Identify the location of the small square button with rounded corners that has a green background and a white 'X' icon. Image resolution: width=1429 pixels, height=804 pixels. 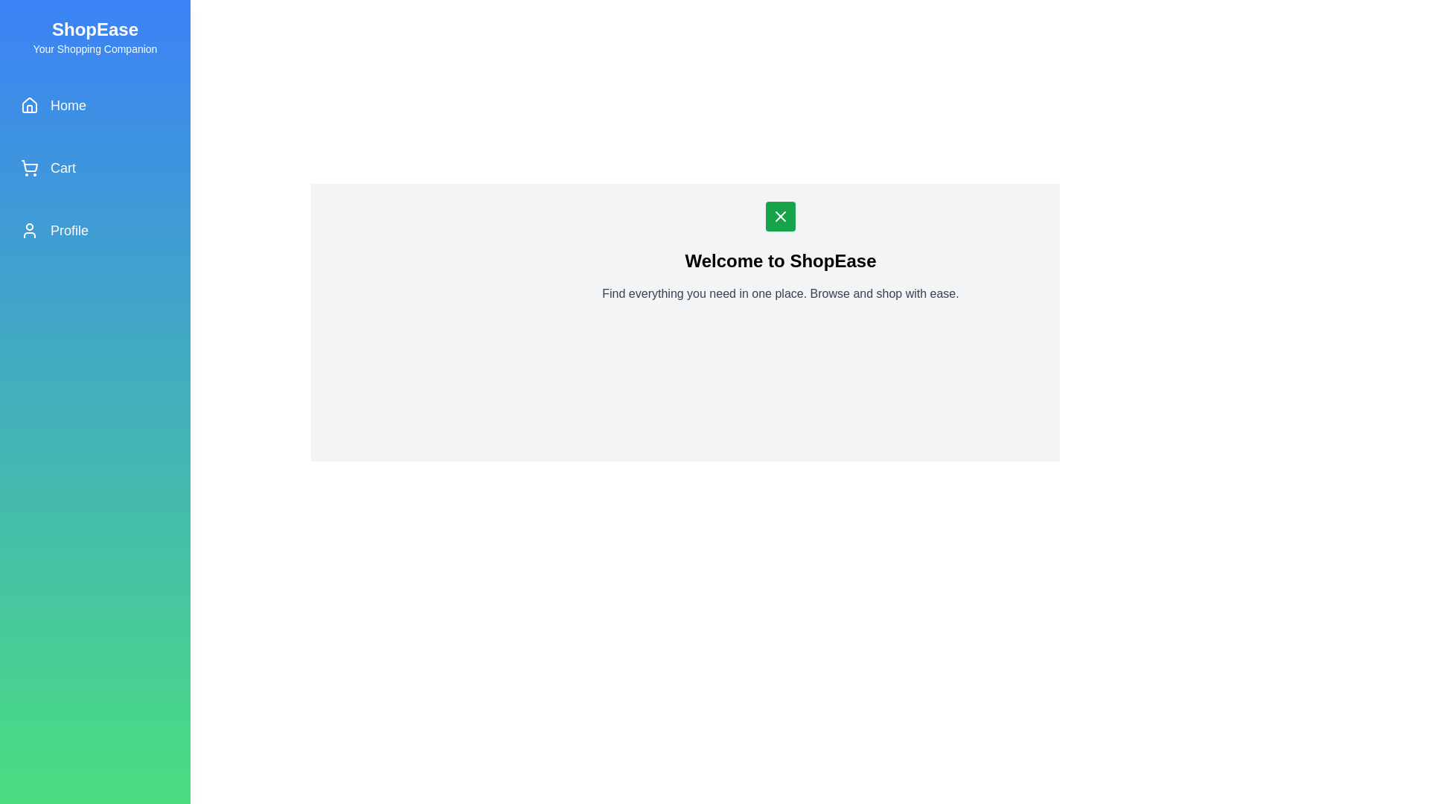
(780, 216).